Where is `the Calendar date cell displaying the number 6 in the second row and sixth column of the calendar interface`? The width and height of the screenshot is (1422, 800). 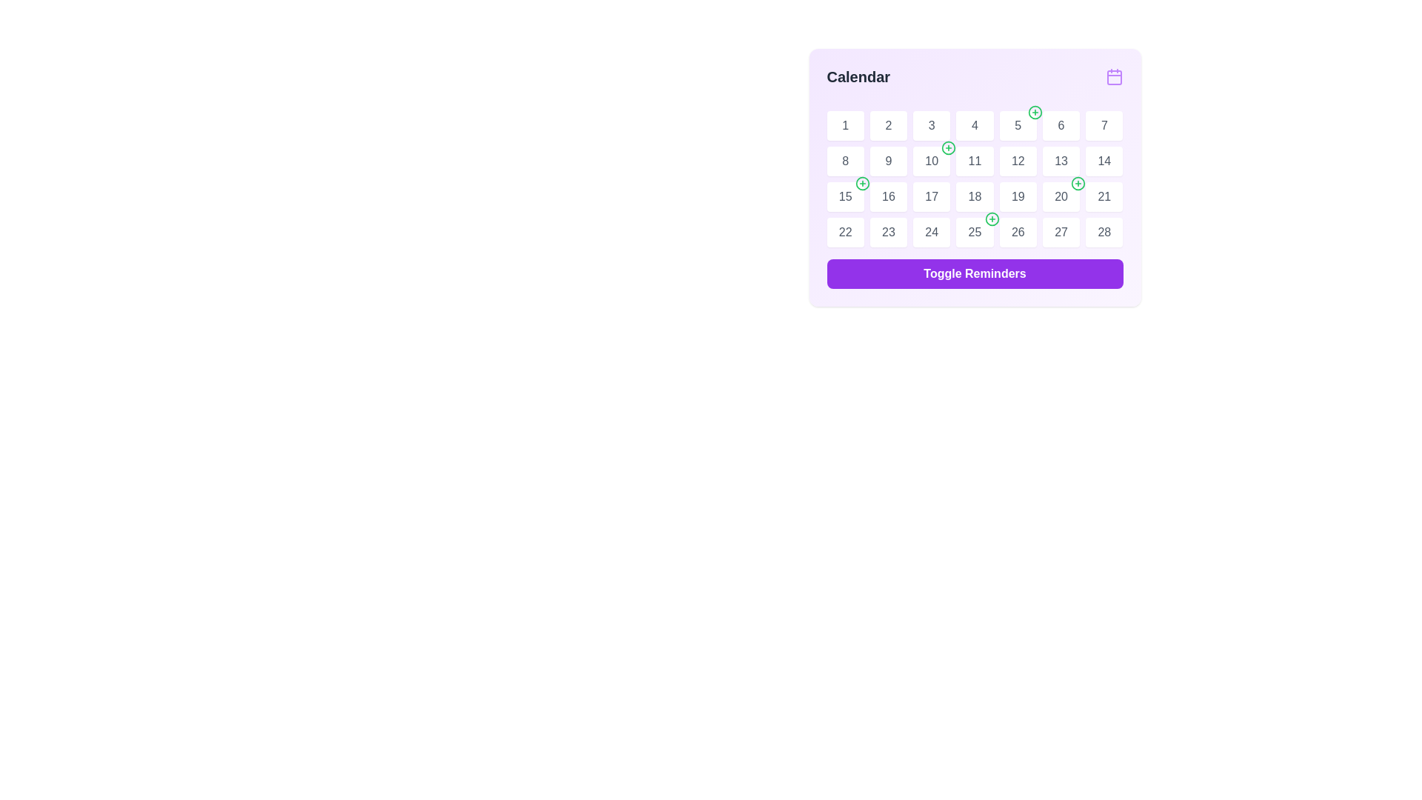
the Calendar date cell displaying the number 6 in the second row and sixth column of the calendar interface is located at coordinates (1061, 124).